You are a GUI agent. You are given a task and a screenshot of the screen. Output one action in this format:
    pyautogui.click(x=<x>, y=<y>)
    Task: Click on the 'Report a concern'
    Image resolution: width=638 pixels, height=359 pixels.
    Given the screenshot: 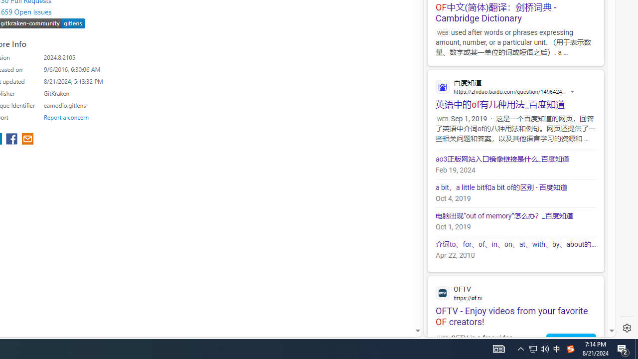 What is the action you would take?
    pyautogui.click(x=66, y=117)
    